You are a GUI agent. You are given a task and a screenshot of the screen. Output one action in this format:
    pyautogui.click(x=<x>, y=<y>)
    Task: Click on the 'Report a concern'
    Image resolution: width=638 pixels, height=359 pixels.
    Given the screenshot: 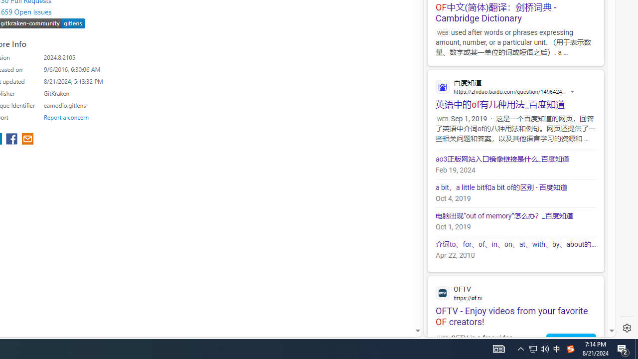 What is the action you would take?
    pyautogui.click(x=66, y=117)
    